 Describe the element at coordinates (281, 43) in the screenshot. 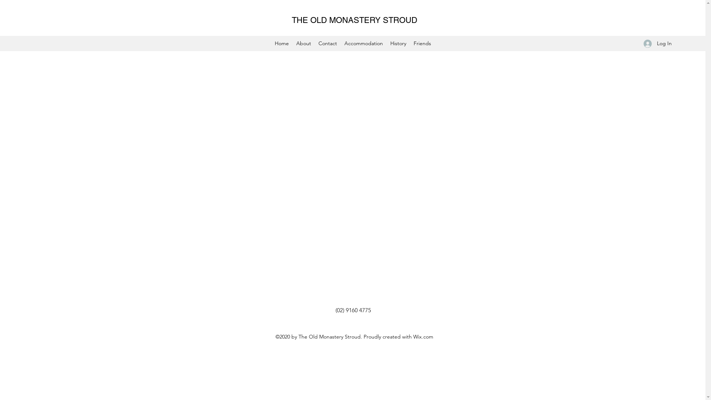

I see `'Home'` at that location.